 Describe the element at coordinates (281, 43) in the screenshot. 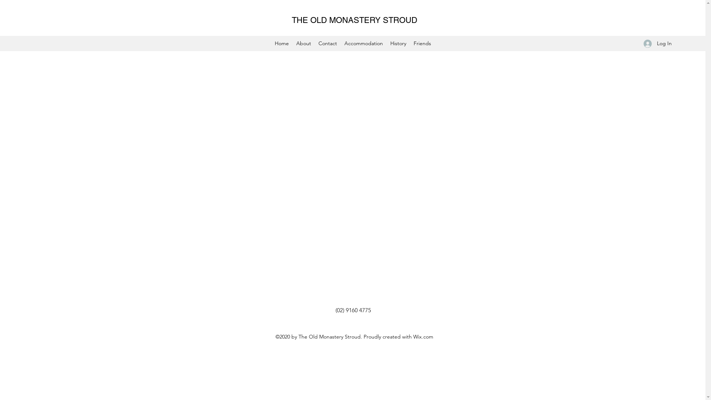

I see `'Home'` at that location.